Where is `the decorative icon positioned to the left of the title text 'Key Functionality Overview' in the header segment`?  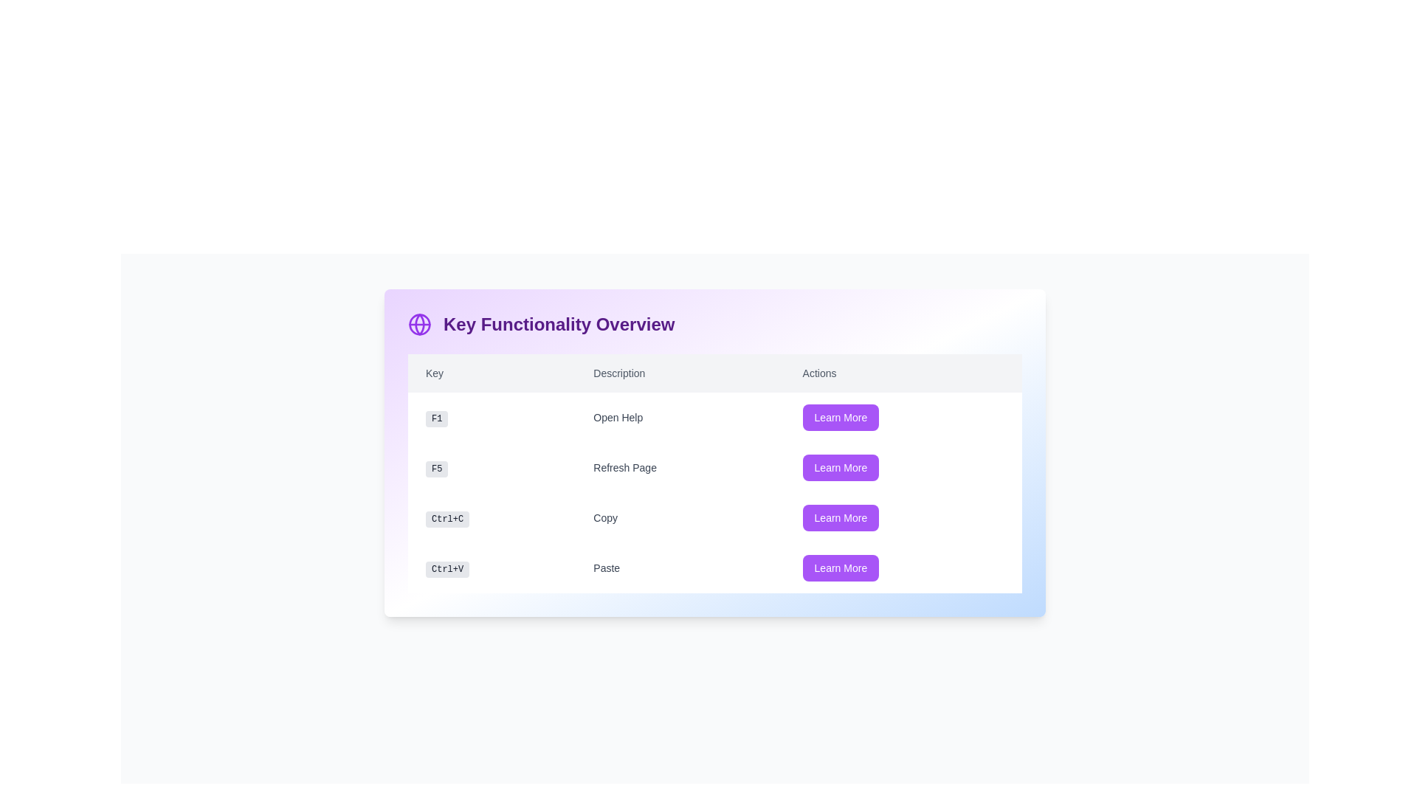 the decorative icon positioned to the left of the title text 'Key Functionality Overview' in the header segment is located at coordinates (419, 323).